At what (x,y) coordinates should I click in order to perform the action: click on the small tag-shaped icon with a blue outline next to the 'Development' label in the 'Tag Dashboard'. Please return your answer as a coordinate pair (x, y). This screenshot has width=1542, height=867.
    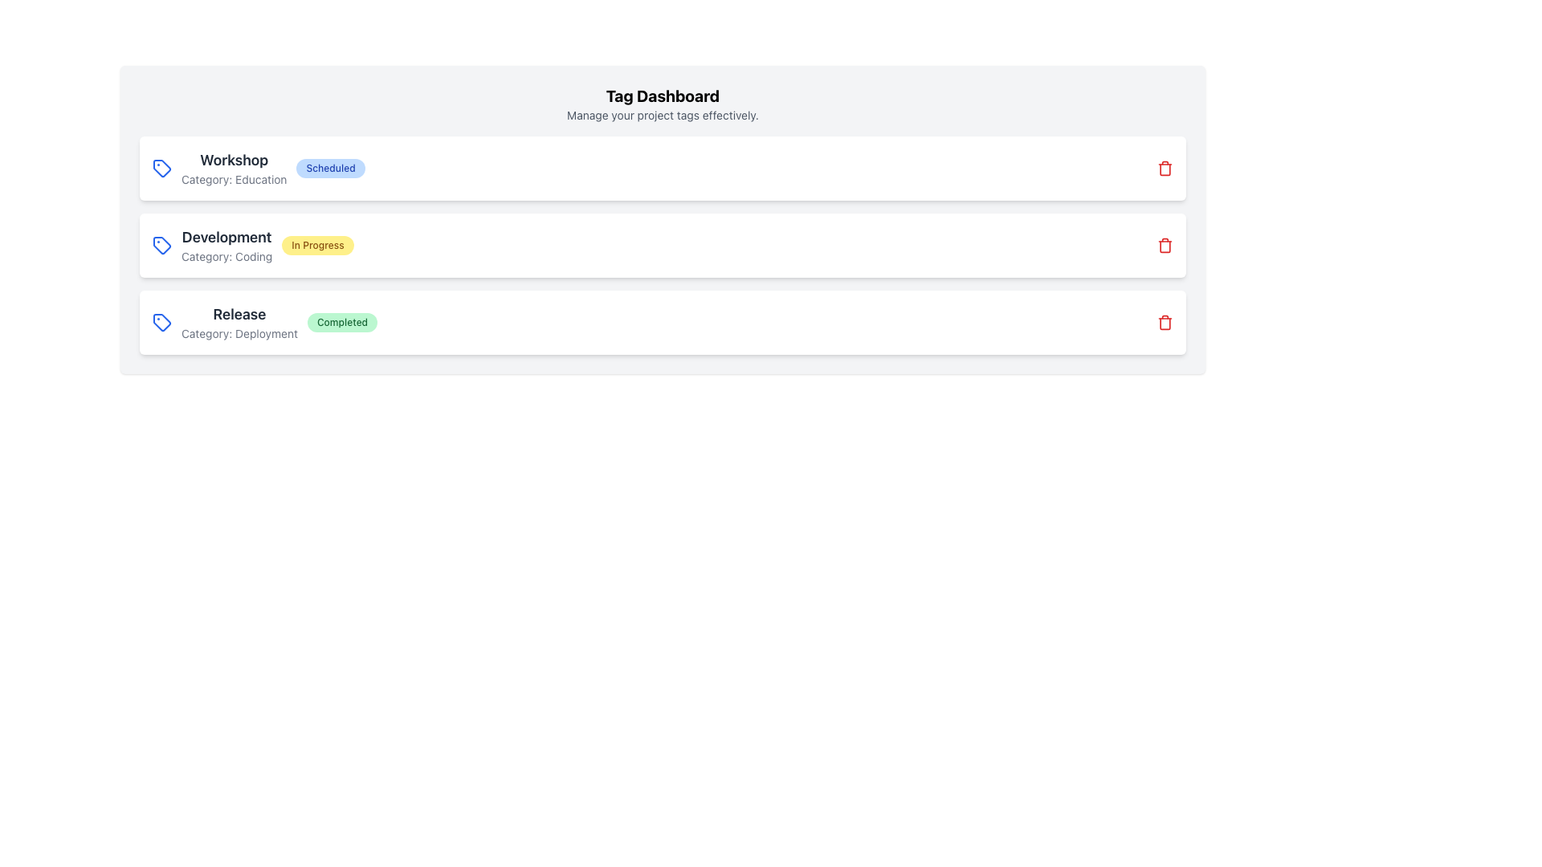
    Looking at the image, I should click on (161, 245).